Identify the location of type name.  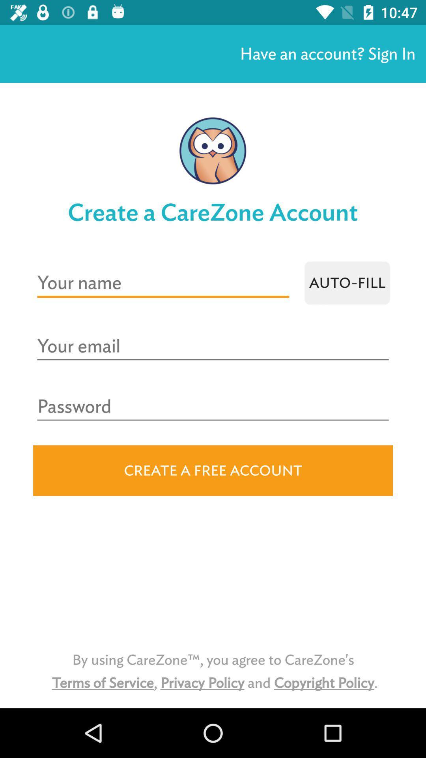
(163, 283).